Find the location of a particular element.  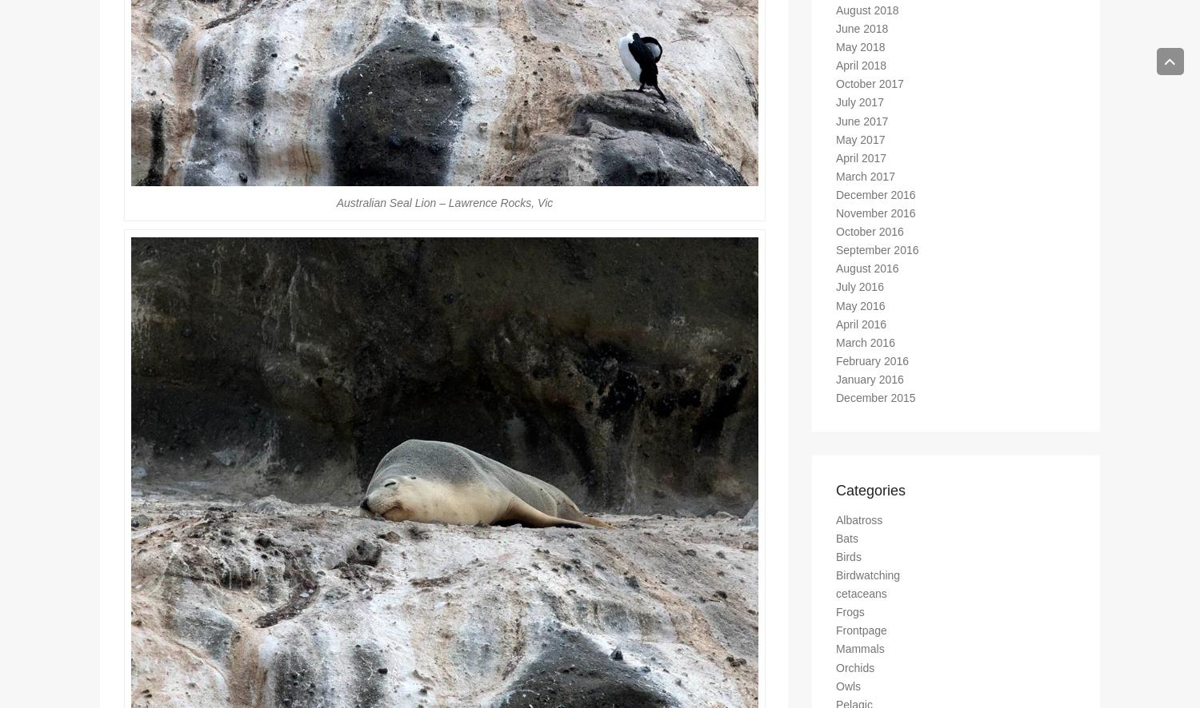

'Orchids' is located at coordinates (854, 674).